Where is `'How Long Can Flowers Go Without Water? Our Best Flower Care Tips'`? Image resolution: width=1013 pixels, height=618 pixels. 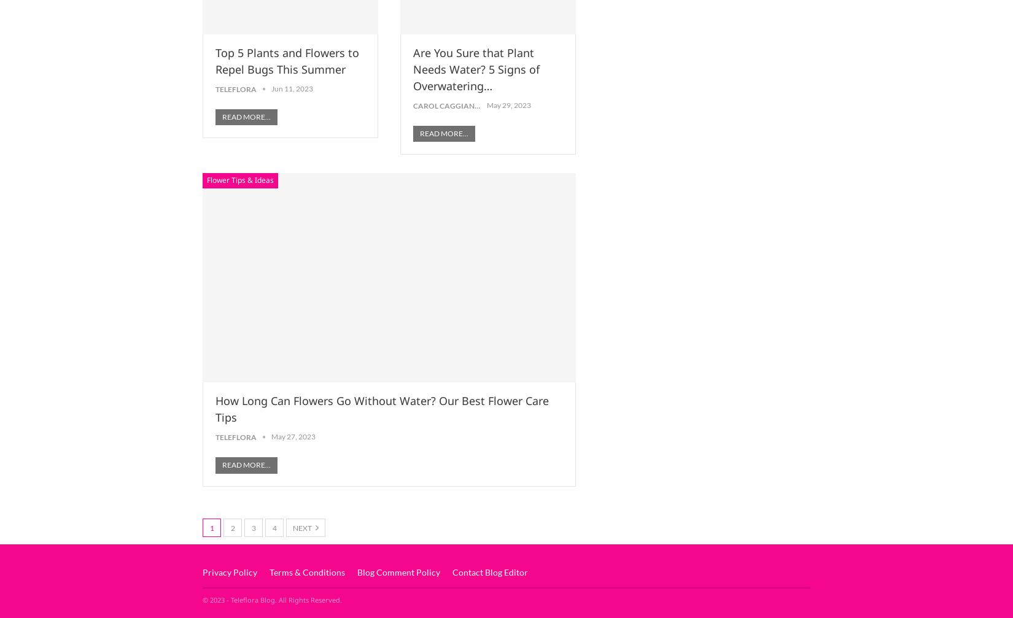
'How Long Can Flowers Go Without Water? Our Best Flower Care Tips' is located at coordinates (381, 408).